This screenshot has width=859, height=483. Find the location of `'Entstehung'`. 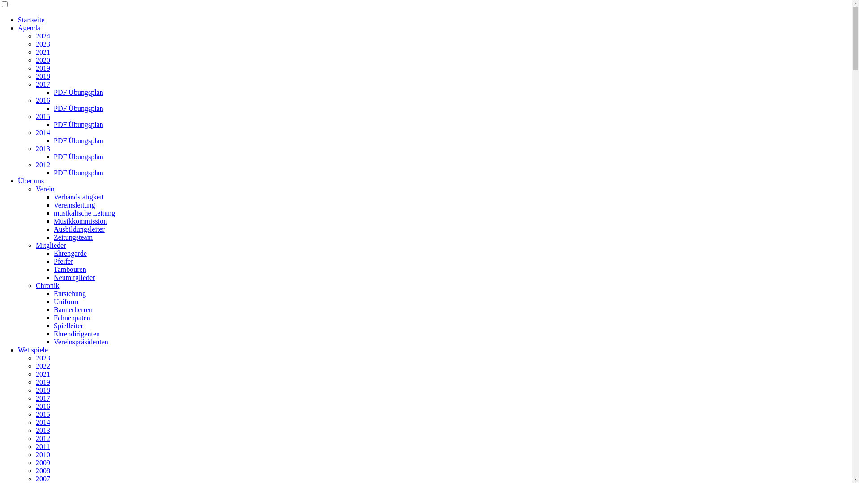

'Entstehung' is located at coordinates (69, 293).